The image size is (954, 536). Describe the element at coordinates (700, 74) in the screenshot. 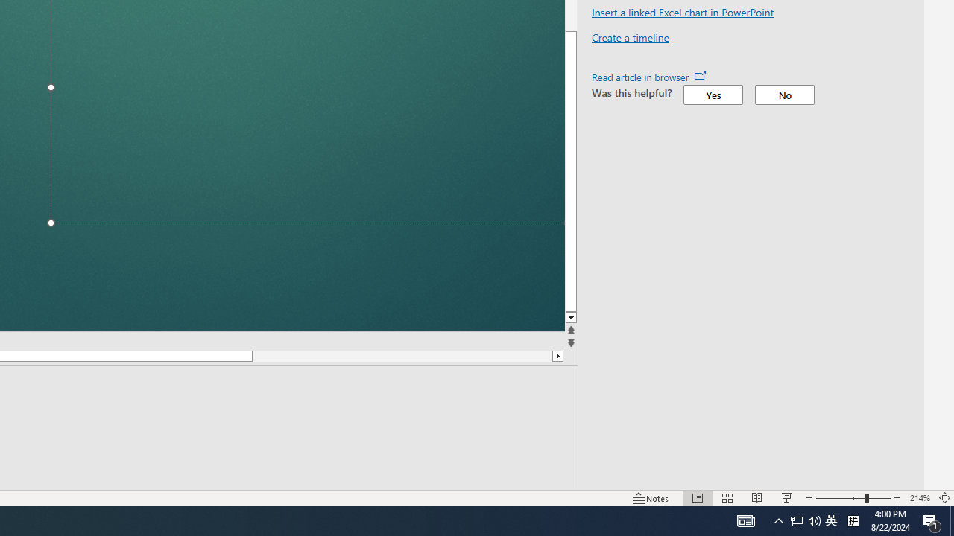

I see `'openinnewwindow icon'` at that location.